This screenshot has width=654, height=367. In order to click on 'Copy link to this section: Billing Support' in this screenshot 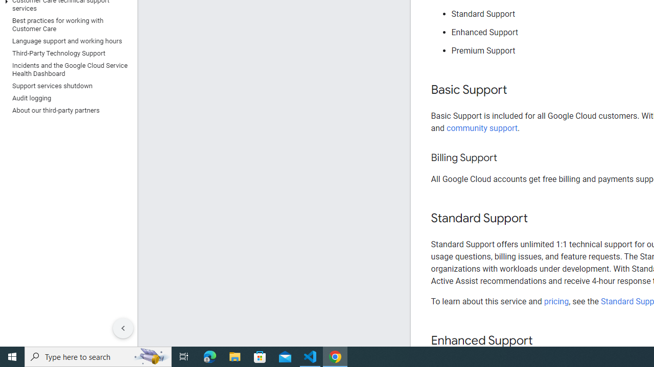, I will do `click(507, 158)`.